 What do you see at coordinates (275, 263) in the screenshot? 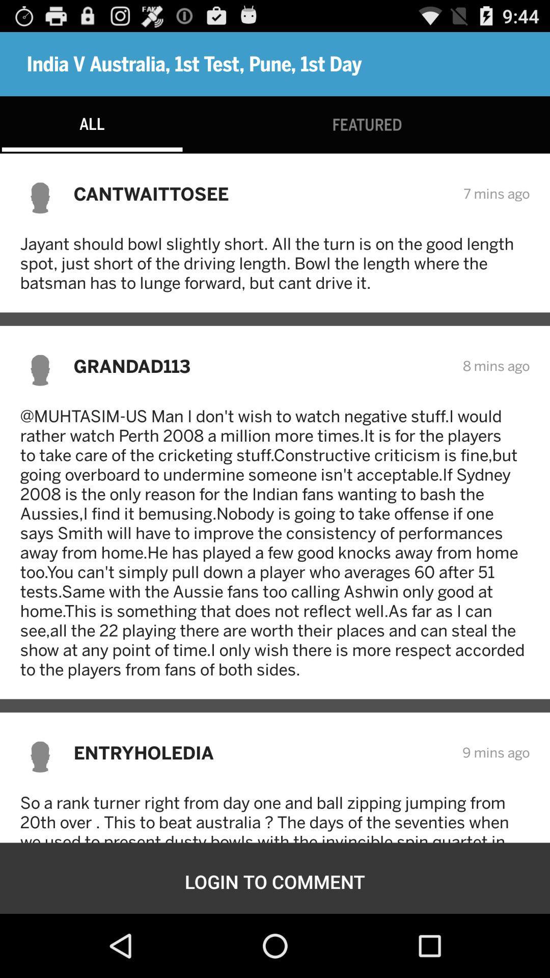
I see `the jayant should bowl item` at bounding box center [275, 263].